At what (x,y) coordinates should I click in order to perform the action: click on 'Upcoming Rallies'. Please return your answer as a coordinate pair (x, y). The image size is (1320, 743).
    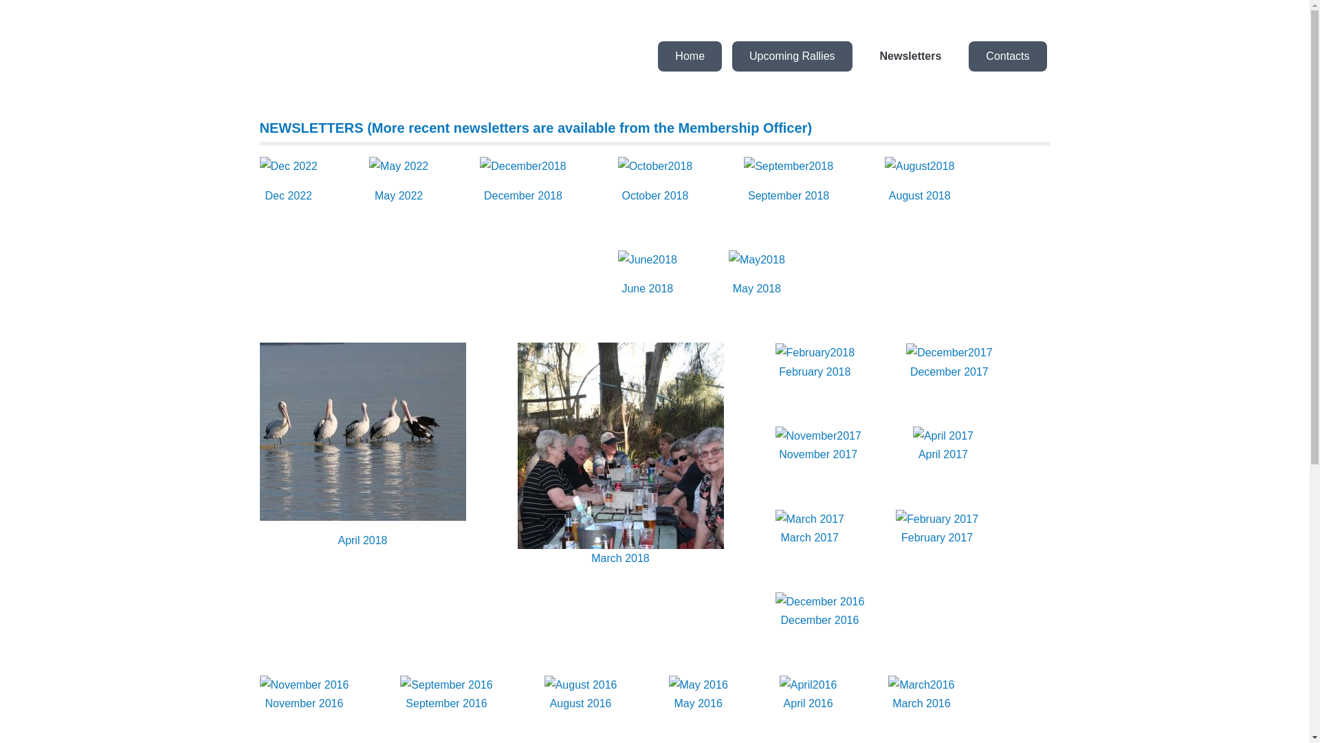
    Looking at the image, I should click on (792, 55).